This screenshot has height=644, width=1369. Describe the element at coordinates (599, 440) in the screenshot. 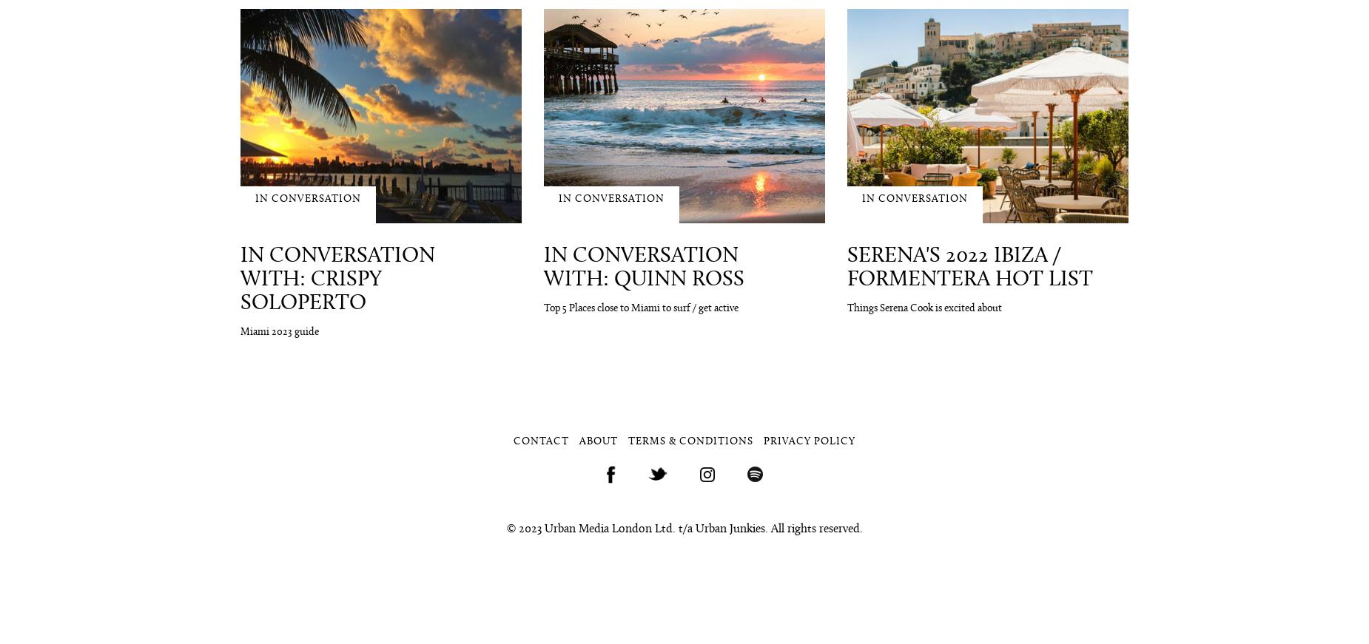

I see `'About'` at that location.